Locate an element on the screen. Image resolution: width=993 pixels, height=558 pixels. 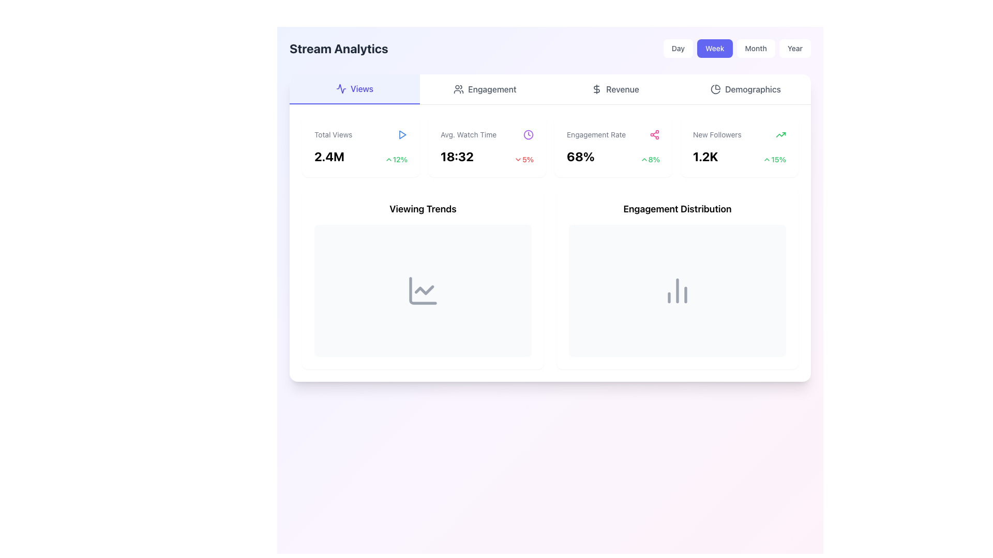
the 'Revenue' labeled tab in the navigation bar at the top-right section of the page is located at coordinates (622, 89).